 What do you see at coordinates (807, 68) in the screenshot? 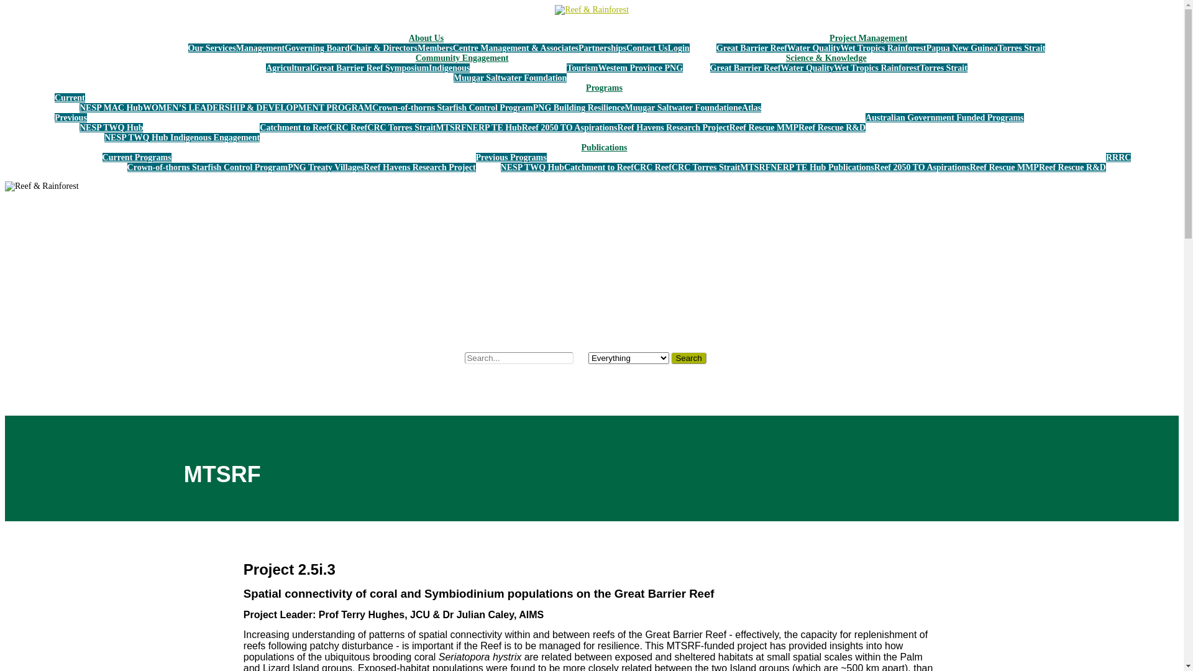
I see `'Water Quality'` at bounding box center [807, 68].